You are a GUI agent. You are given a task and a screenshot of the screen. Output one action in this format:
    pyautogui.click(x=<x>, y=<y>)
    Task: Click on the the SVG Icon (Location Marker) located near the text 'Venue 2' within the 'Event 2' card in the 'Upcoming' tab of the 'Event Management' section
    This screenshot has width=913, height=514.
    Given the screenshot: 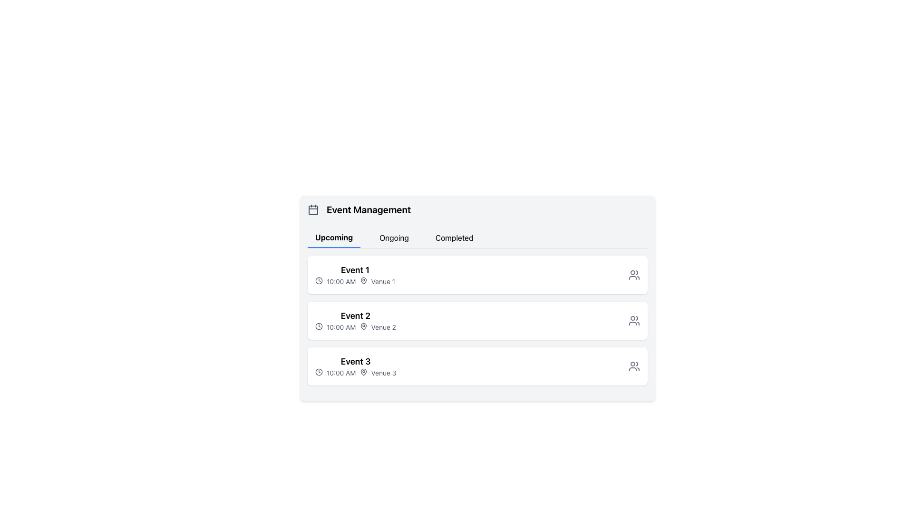 What is the action you would take?
    pyautogui.click(x=363, y=326)
    